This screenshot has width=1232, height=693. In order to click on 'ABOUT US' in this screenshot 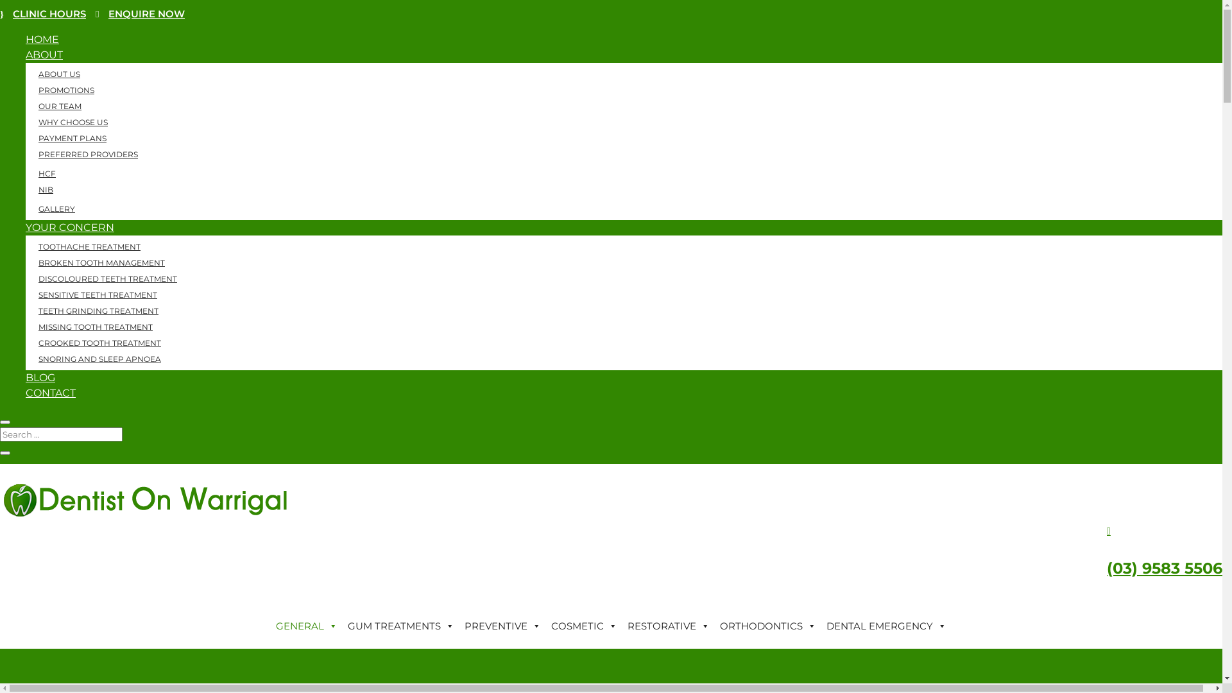, I will do `click(58, 74)`.